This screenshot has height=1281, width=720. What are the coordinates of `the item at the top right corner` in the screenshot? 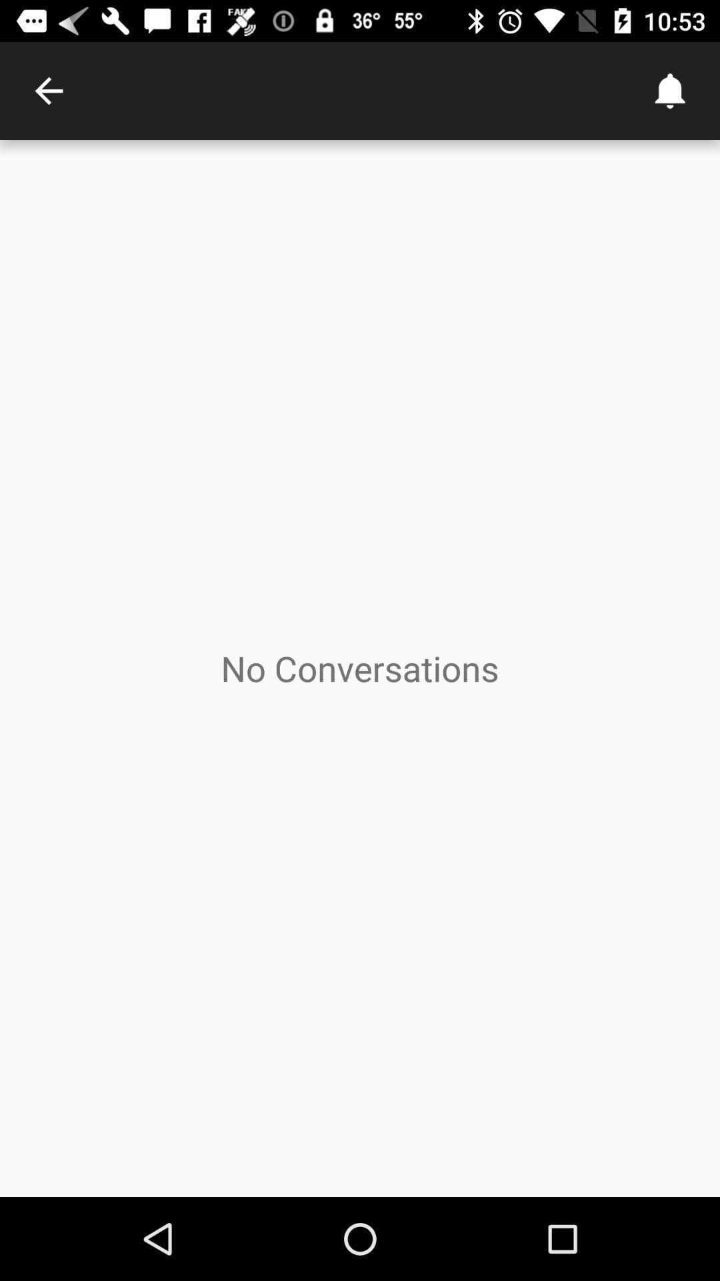 It's located at (671, 90).